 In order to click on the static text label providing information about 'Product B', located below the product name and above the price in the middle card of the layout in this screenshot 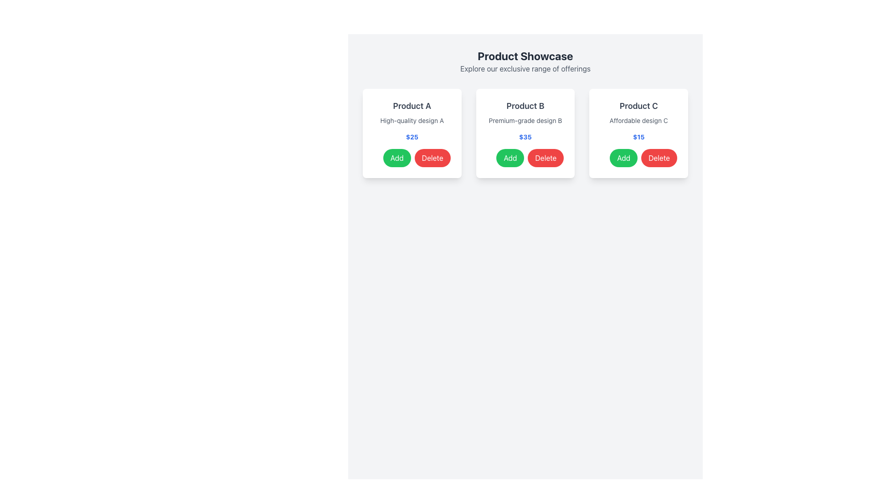, I will do `click(525, 120)`.